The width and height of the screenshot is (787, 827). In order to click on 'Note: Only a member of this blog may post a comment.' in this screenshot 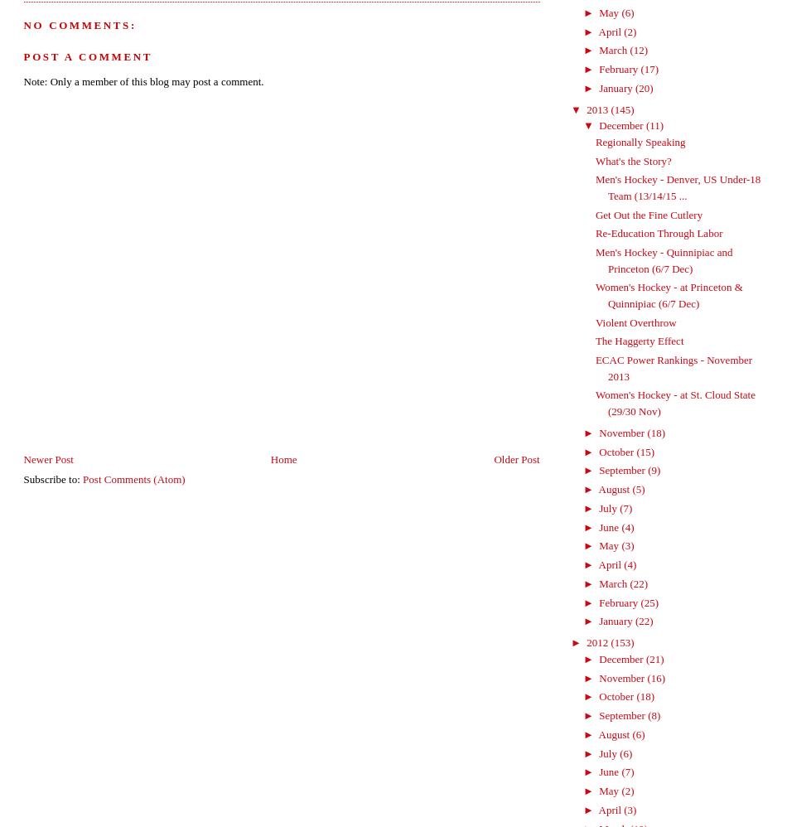, I will do `click(142, 80)`.